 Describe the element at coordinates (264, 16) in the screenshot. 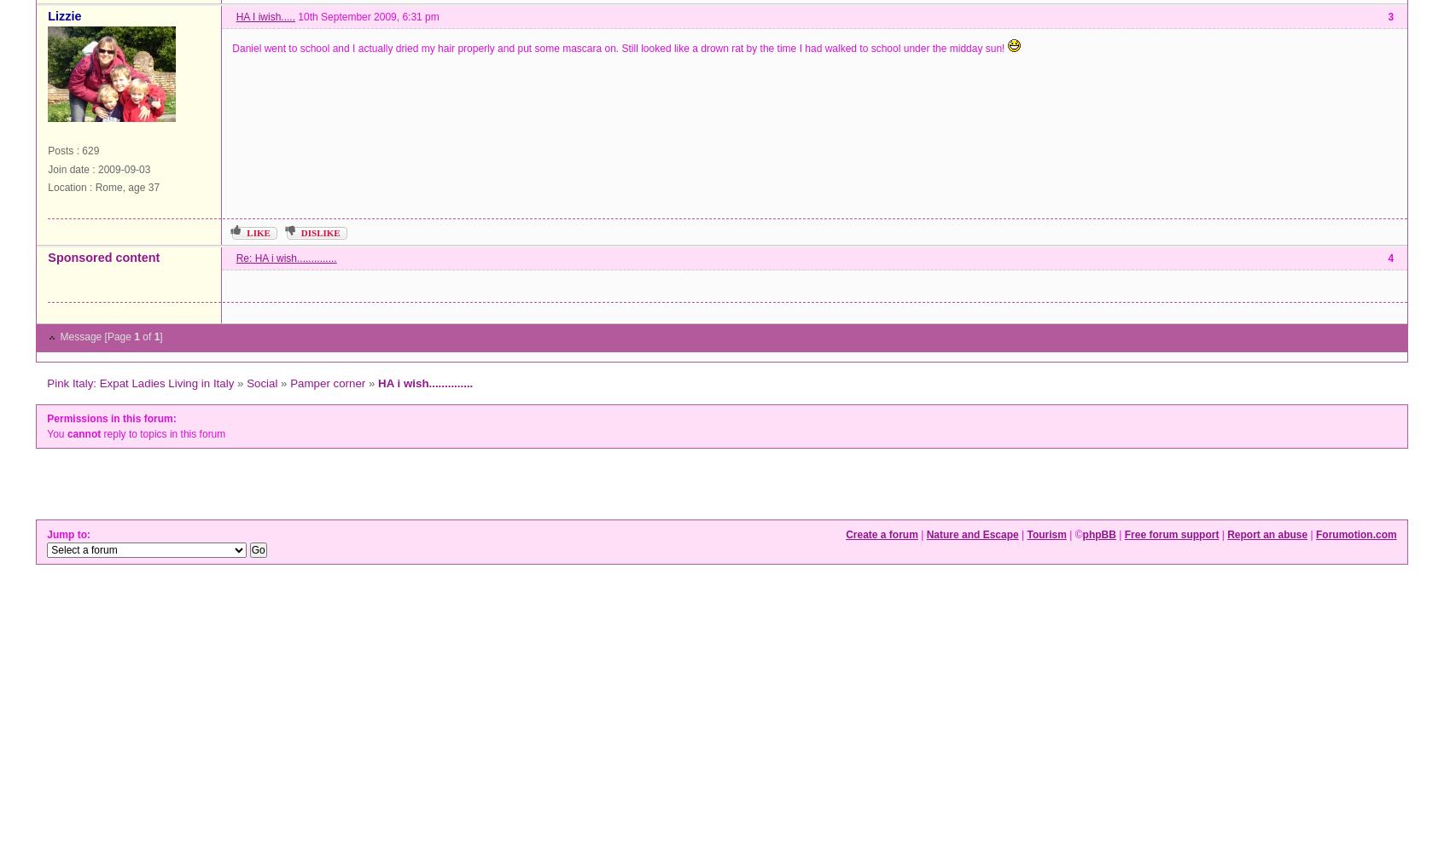

I see `'HA  I iwish.....'` at that location.